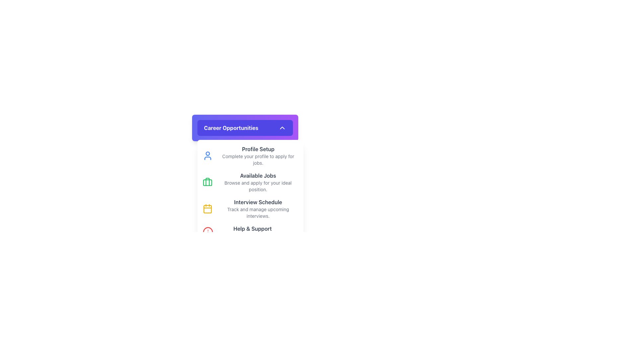  Describe the element at coordinates (257, 175) in the screenshot. I see `the text label 'Available Jobs' which is styled in bold and located below the 'Career Opportunities' header in the menu interface` at that location.